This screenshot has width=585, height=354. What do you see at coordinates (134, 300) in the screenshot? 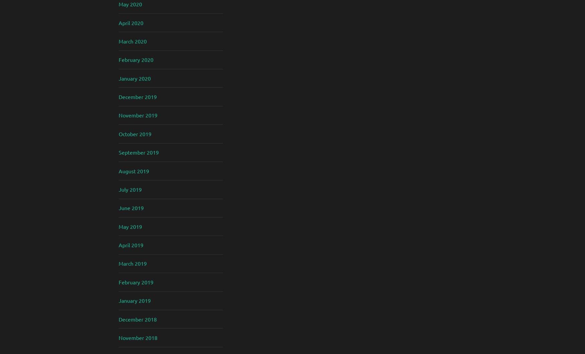
I see `'January 2019'` at bounding box center [134, 300].